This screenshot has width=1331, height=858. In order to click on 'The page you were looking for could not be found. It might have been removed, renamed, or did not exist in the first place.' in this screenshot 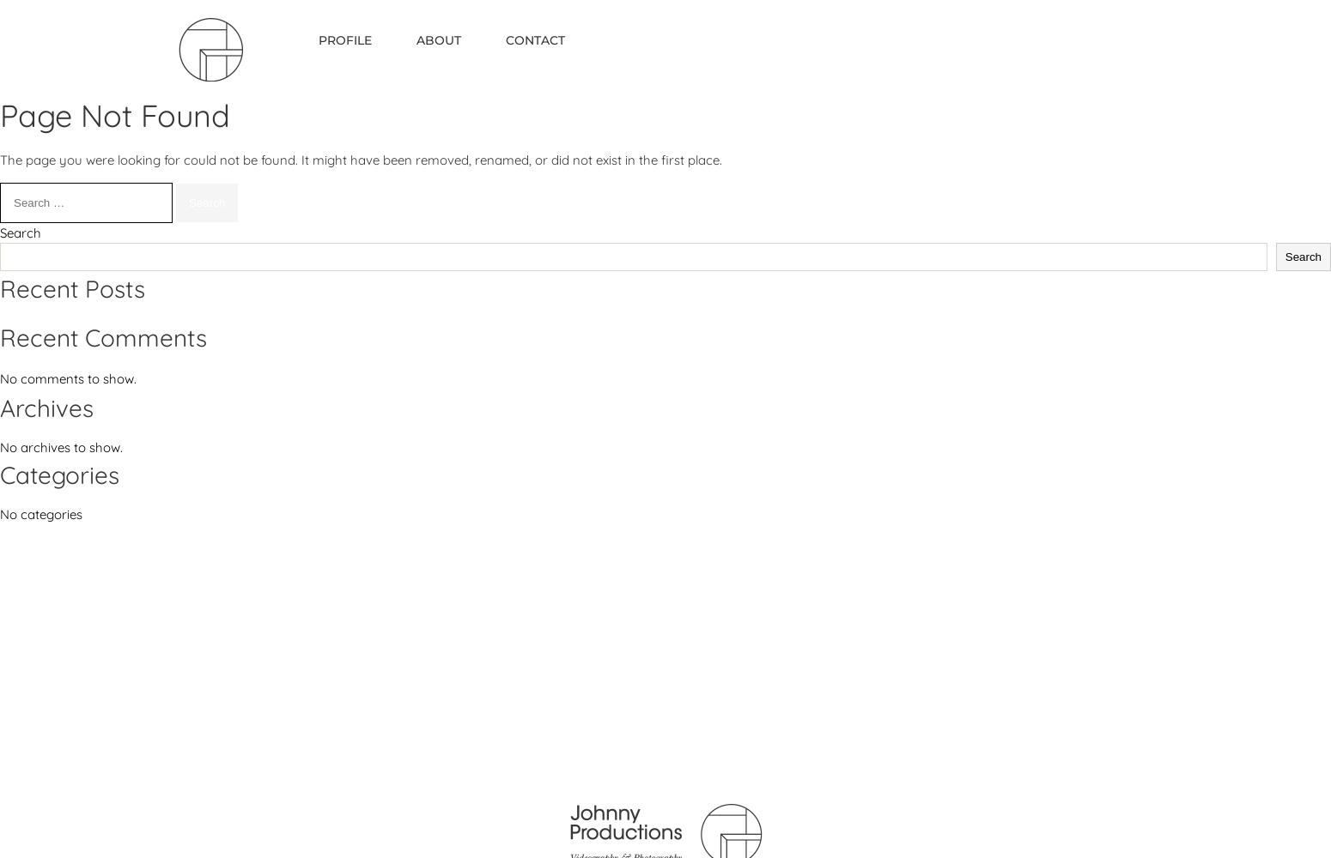, I will do `click(0, 160)`.